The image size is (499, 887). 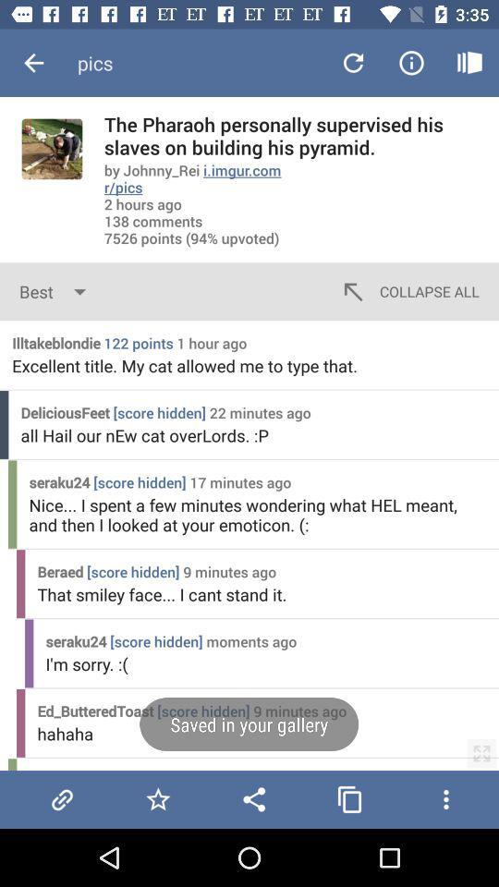 What do you see at coordinates (62, 798) in the screenshot?
I see `open link` at bounding box center [62, 798].